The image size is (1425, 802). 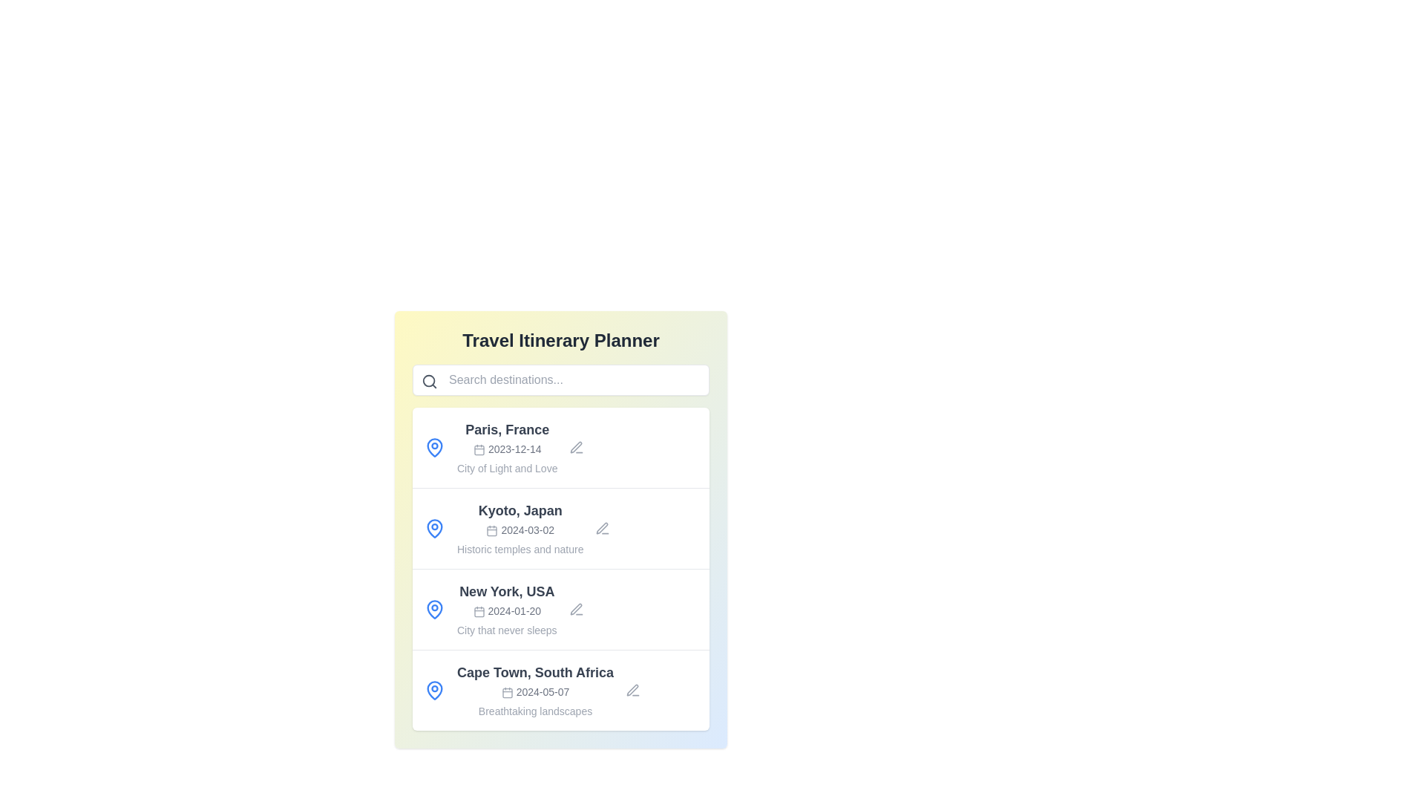 What do you see at coordinates (492, 529) in the screenshot?
I see `the calendar icon positioned beside the date '2024-03-02' in the 'Kyoto, Japan' list item` at bounding box center [492, 529].